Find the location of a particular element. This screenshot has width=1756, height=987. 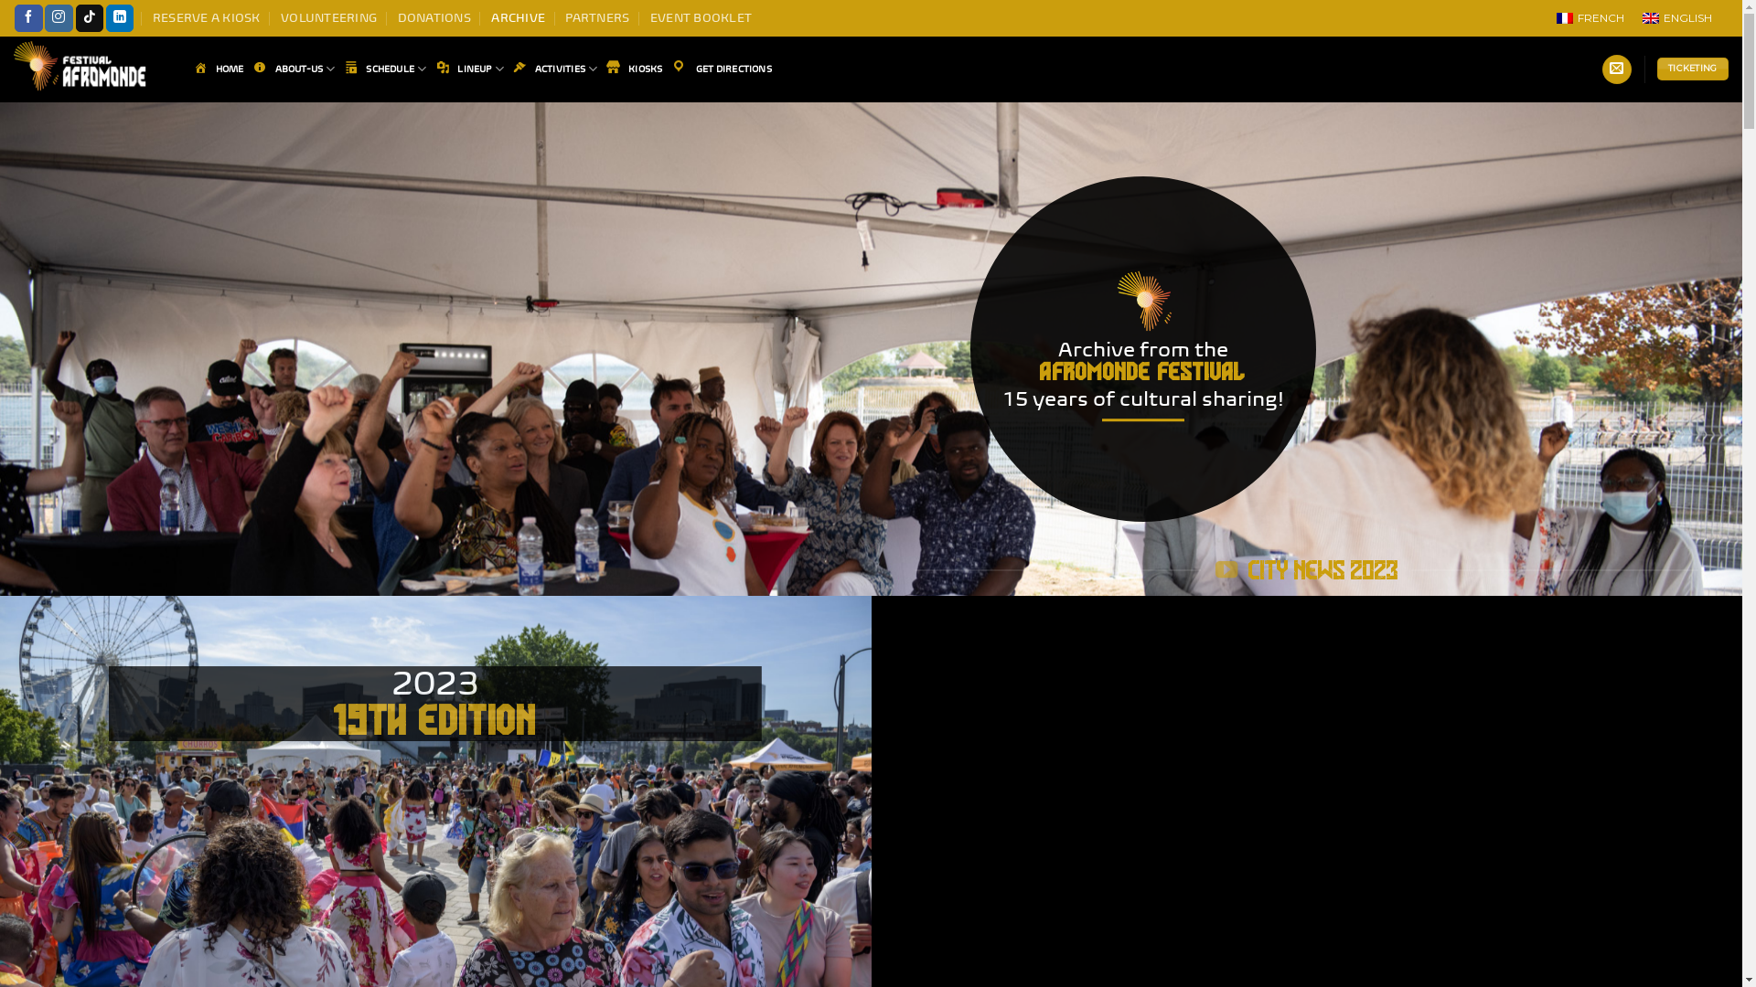

'PARTNERS' is located at coordinates (596, 17).